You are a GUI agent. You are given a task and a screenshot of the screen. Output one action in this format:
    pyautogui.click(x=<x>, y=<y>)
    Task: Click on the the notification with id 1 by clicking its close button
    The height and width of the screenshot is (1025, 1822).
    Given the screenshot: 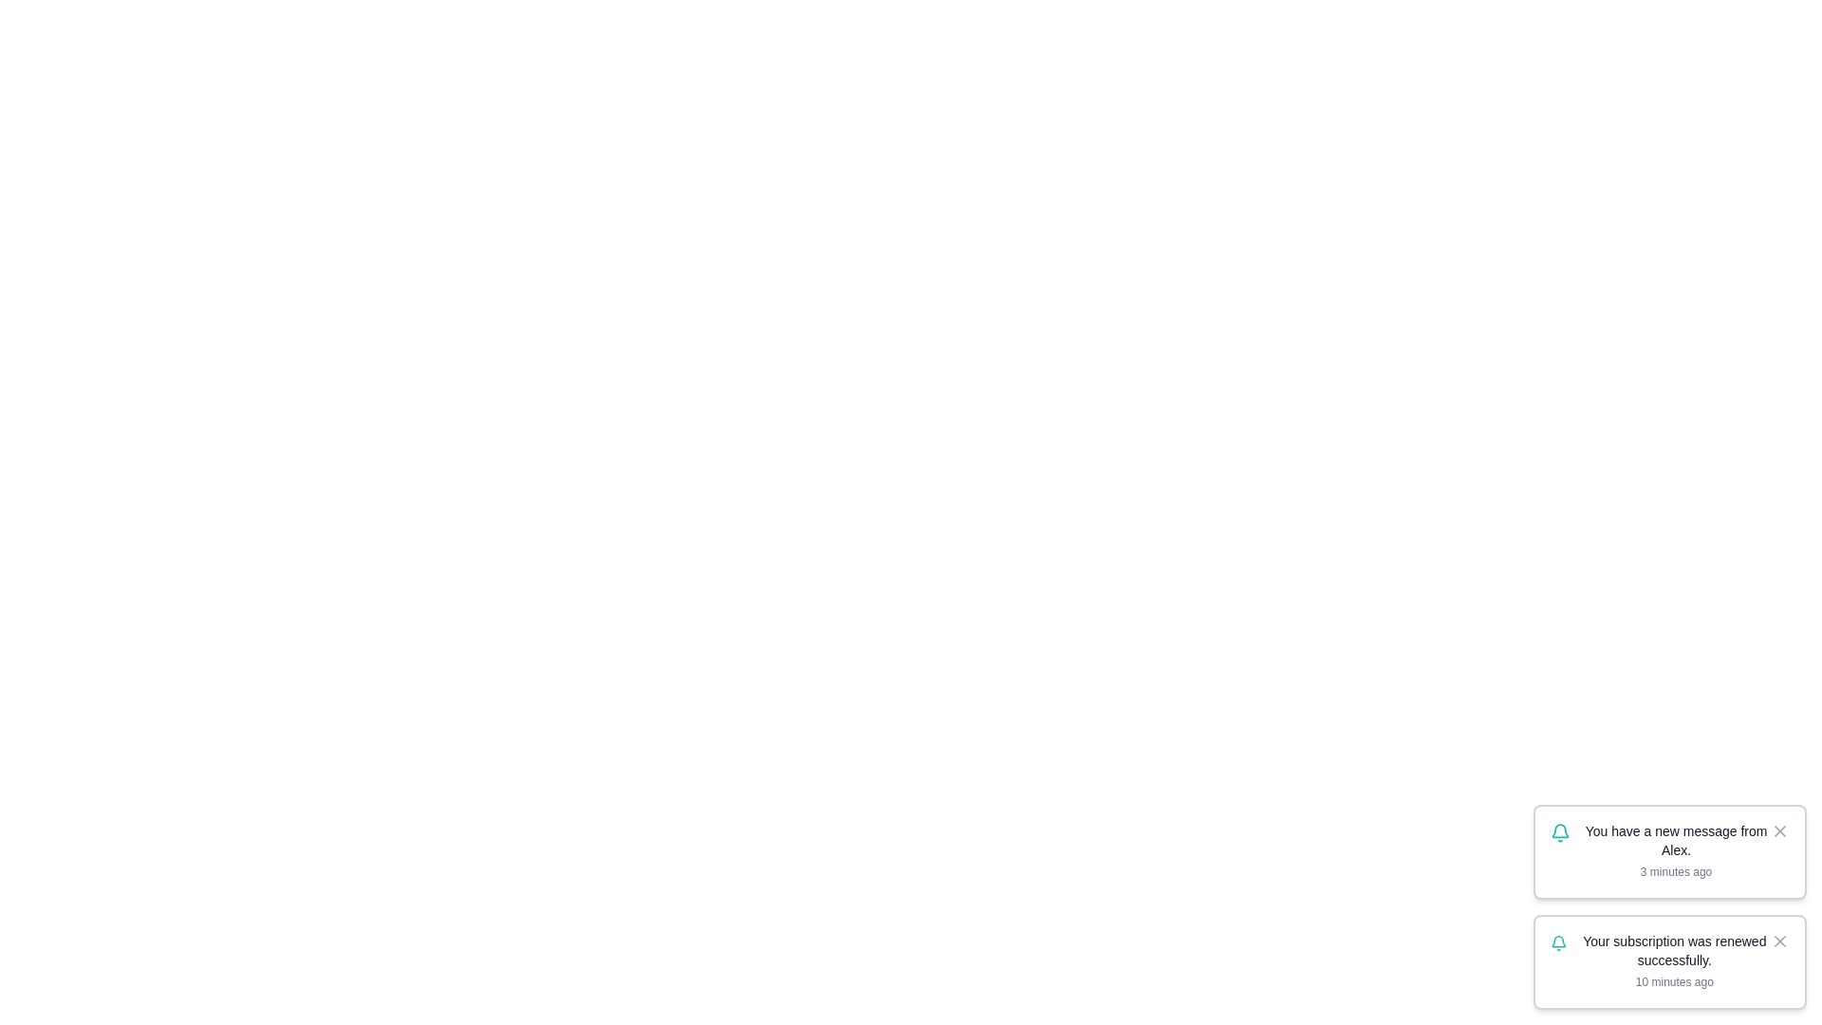 What is the action you would take?
    pyautogui.click(x=1779, y=829)
    